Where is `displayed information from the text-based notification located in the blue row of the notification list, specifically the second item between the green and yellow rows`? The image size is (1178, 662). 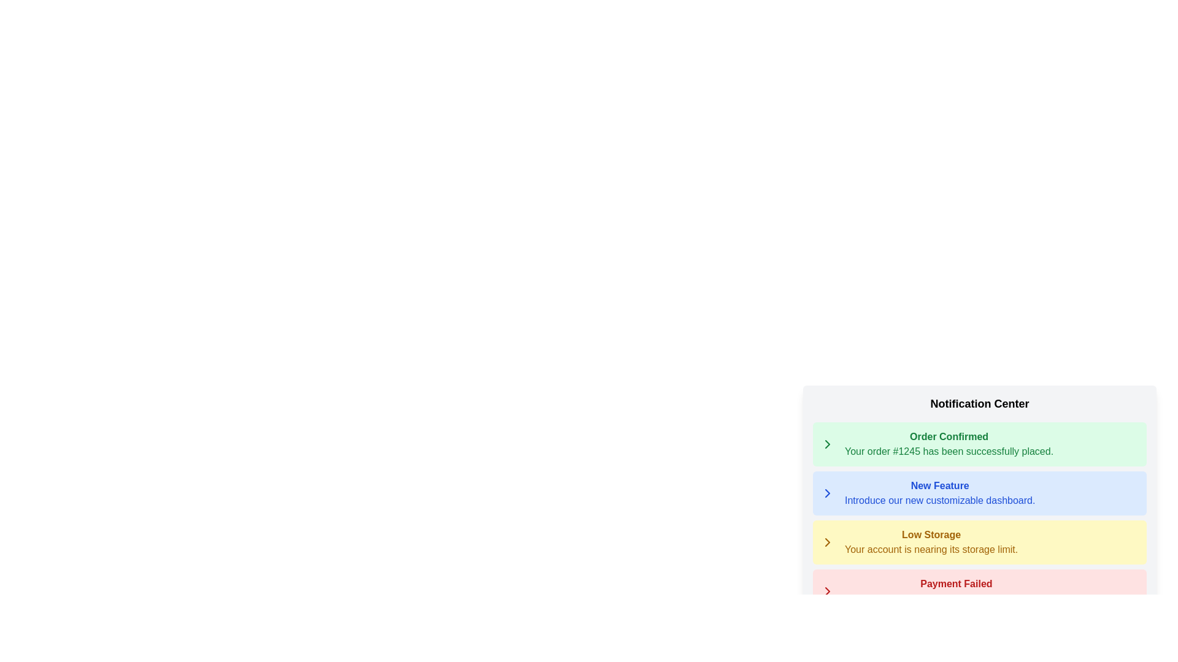 displayed information from the text-based notification located in the blue row of the notification list, specifically the second item between the green and yellow rows is located at coordinates (939, 493).